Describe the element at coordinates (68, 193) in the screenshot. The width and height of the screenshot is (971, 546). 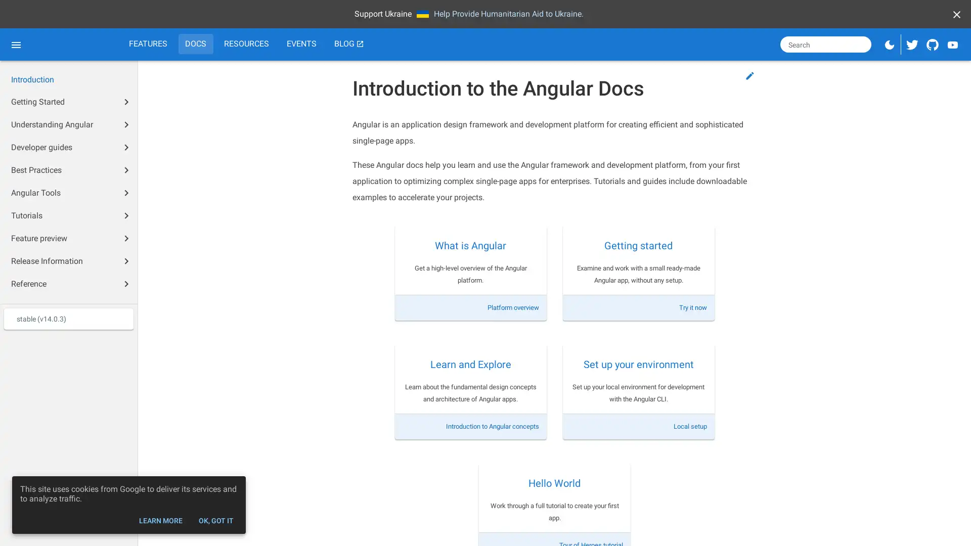
I see `Angular Tools` at that location.